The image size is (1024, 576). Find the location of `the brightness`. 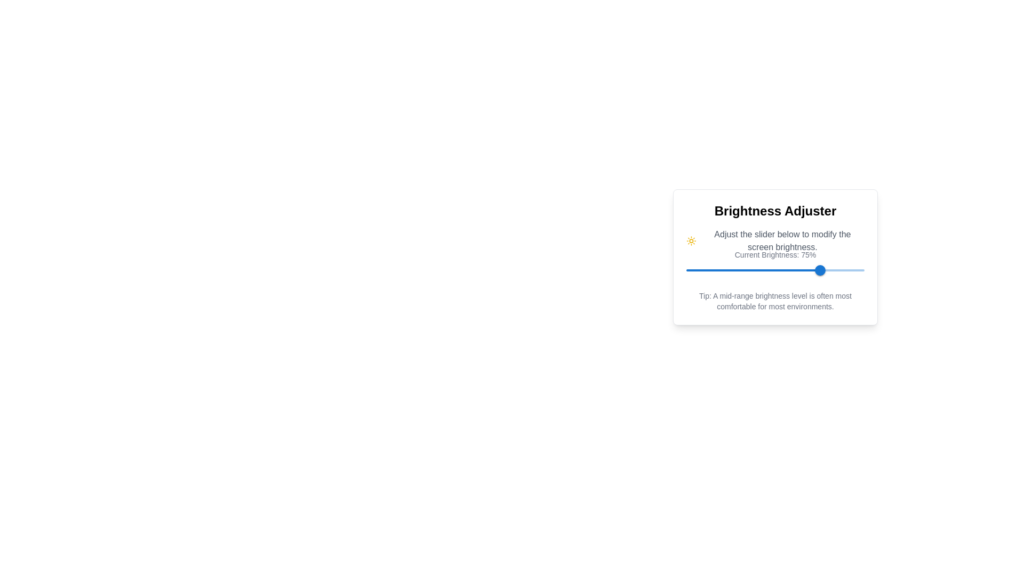

the brightness is located at coordinates (732, 269).